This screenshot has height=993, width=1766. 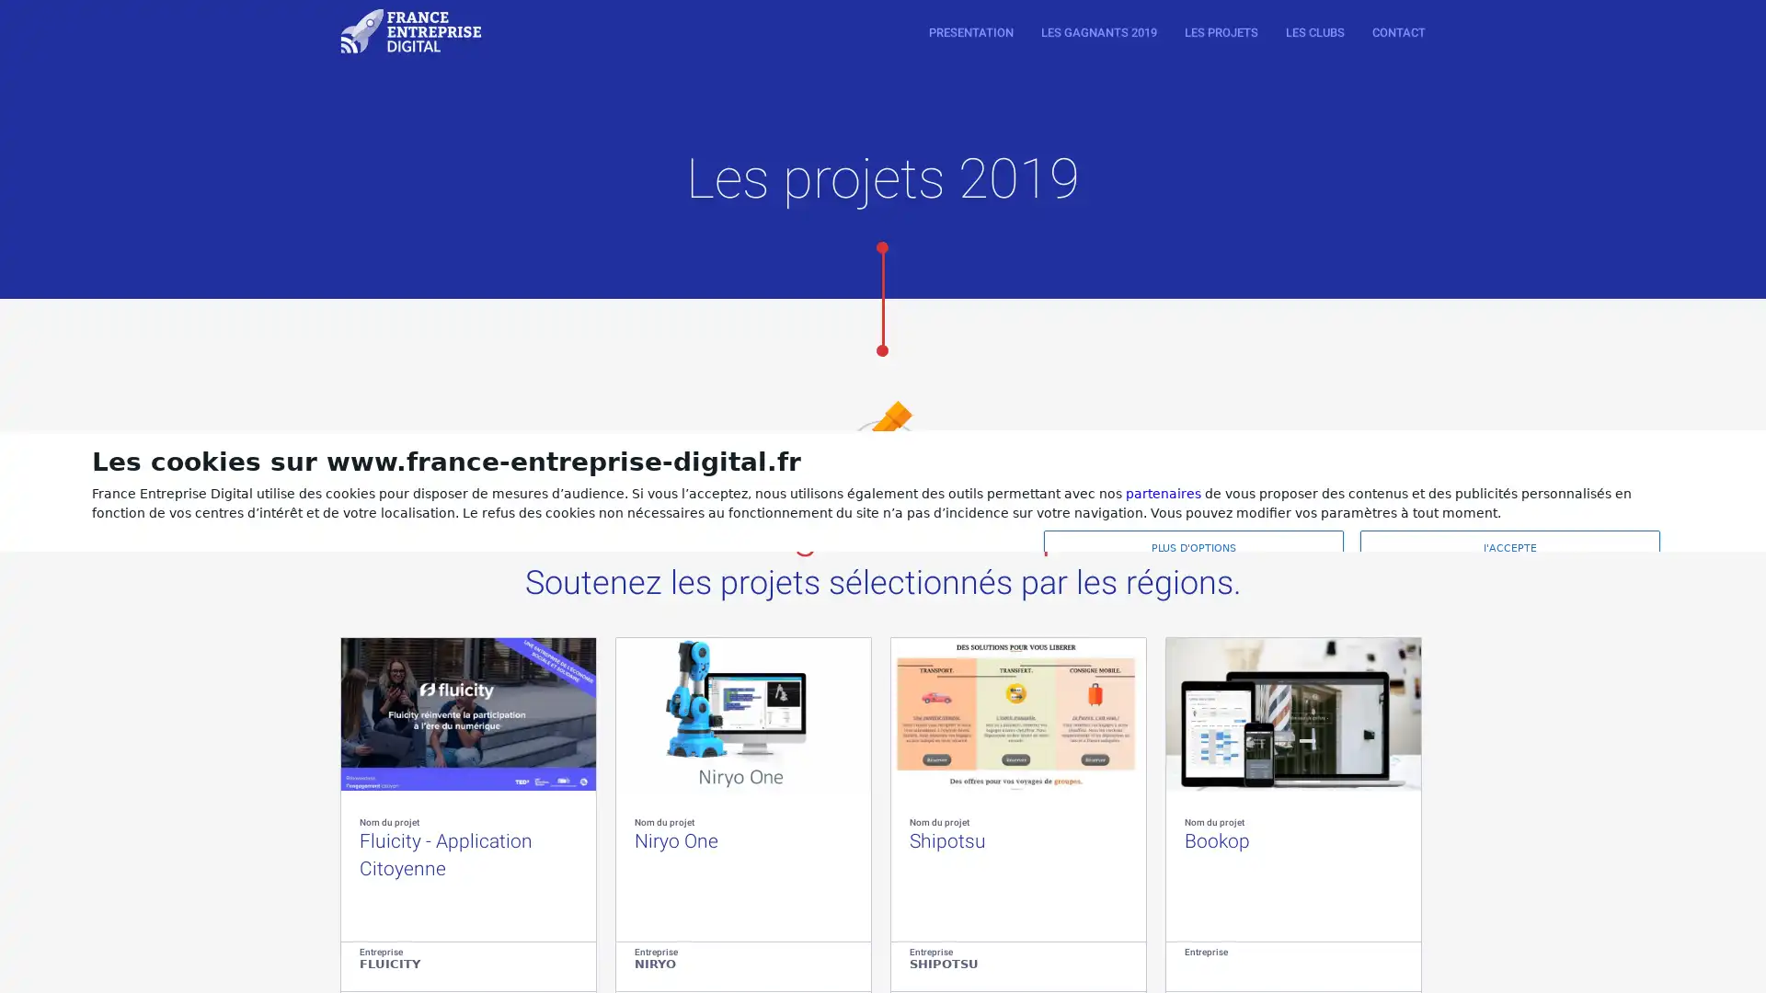 I want to click on PLUS D'OPTIONS, so click(x=1192, y=545).